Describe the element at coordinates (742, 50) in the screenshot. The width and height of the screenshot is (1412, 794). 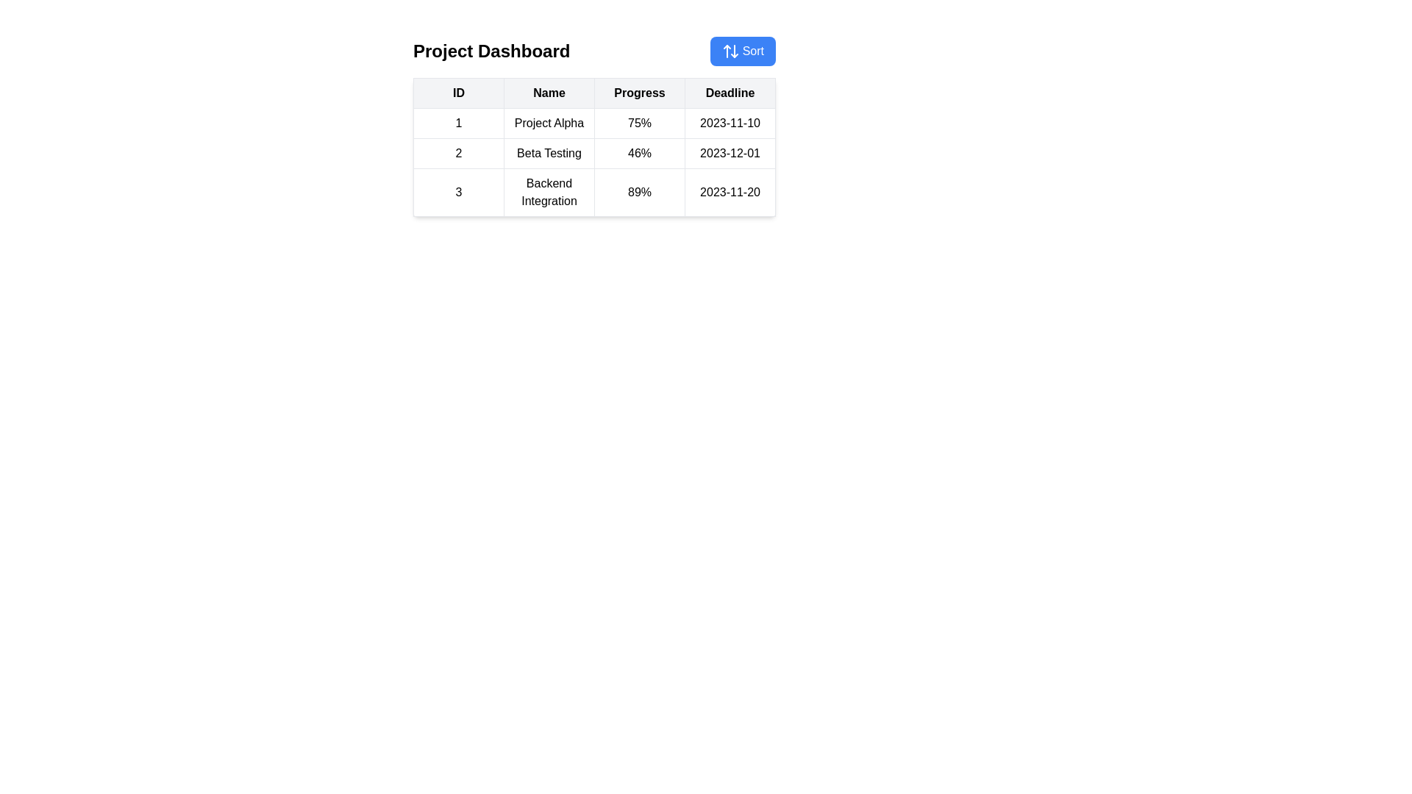
I see `the sorting button located to the right of the text 'Project Dashboard'` at that location.